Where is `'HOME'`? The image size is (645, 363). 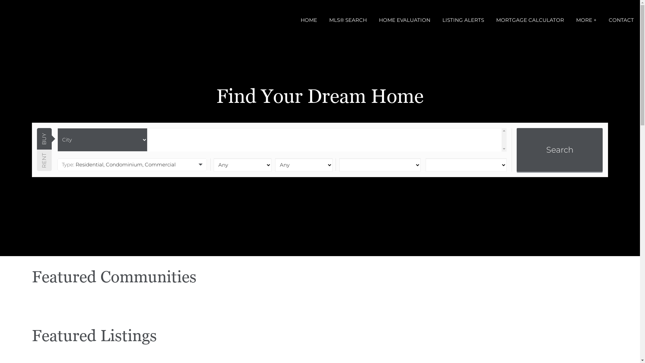
'HOME' is located at coordinates (295, 19).